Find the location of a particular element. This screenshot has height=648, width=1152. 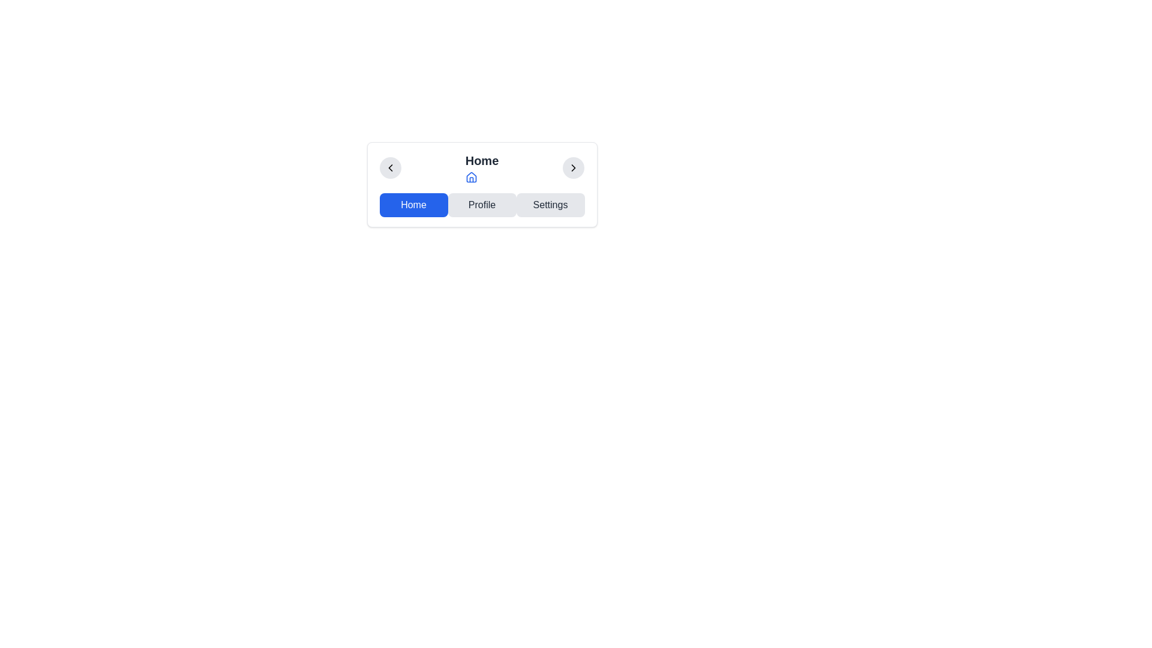

slider is located at coordinates (400, 168).